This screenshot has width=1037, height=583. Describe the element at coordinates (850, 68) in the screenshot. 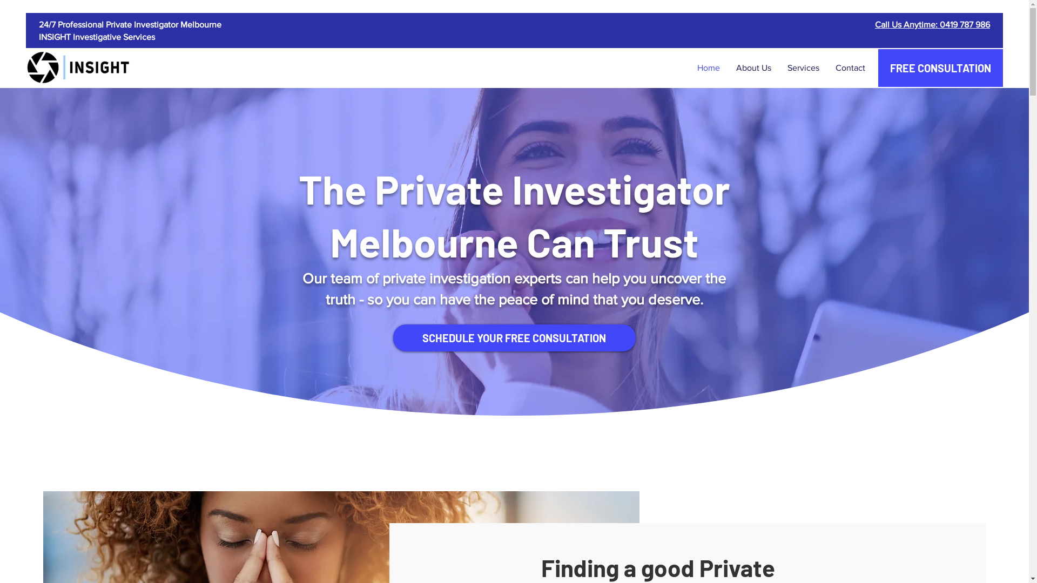

I see `'Contact'` at that location.